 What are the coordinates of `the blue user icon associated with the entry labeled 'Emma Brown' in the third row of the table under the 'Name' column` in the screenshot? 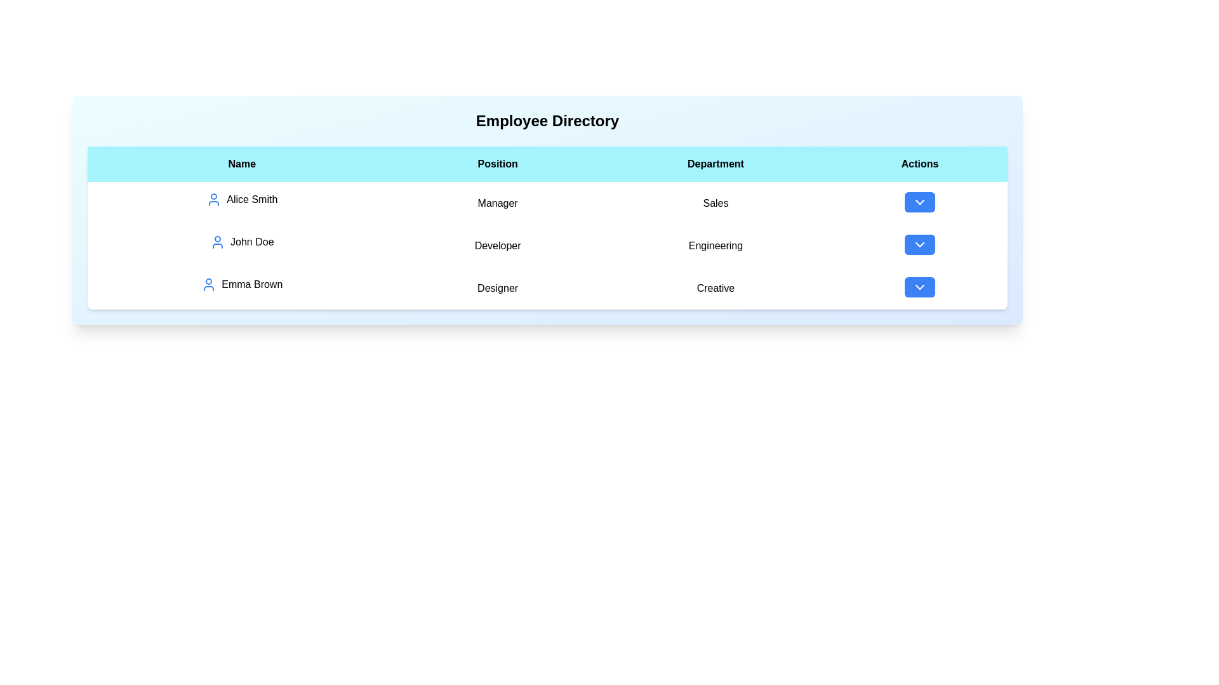 It's located at (209, 284).